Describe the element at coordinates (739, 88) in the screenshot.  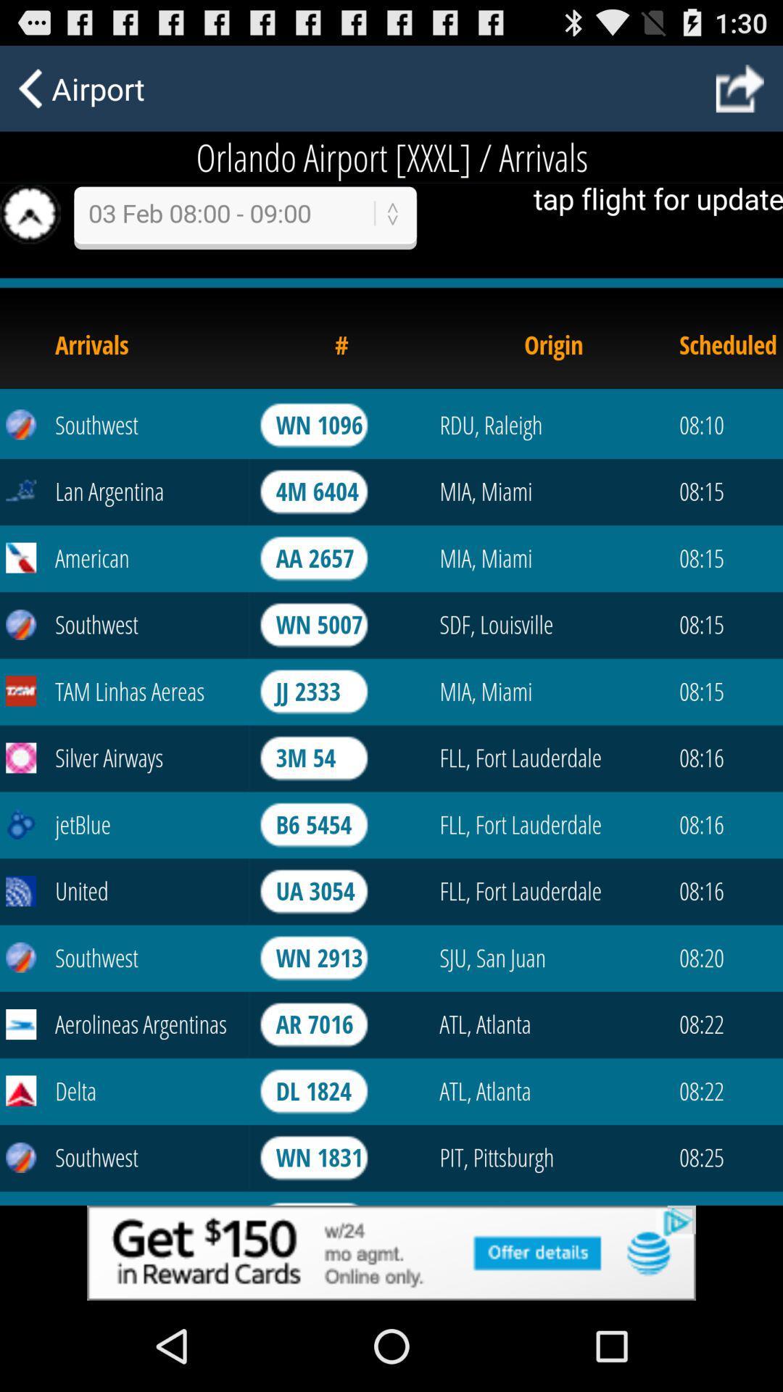
I see `next page` at that location.